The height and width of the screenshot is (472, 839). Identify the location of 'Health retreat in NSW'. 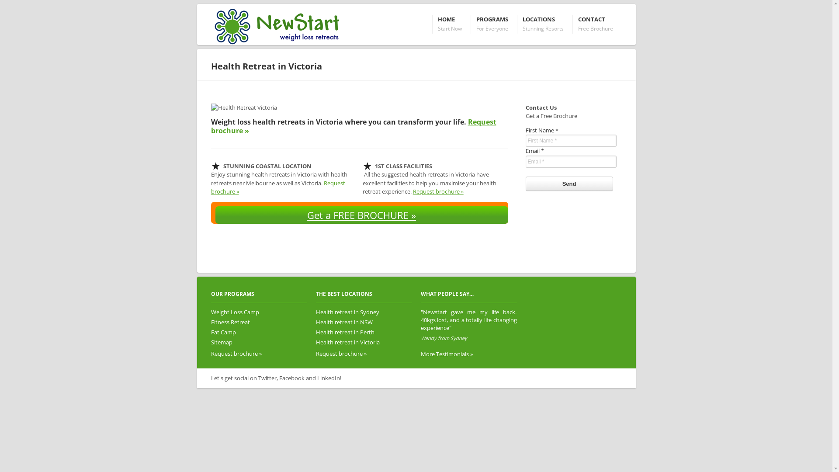
(315, 322).